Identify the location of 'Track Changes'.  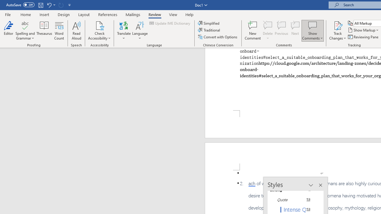
(338, 25).